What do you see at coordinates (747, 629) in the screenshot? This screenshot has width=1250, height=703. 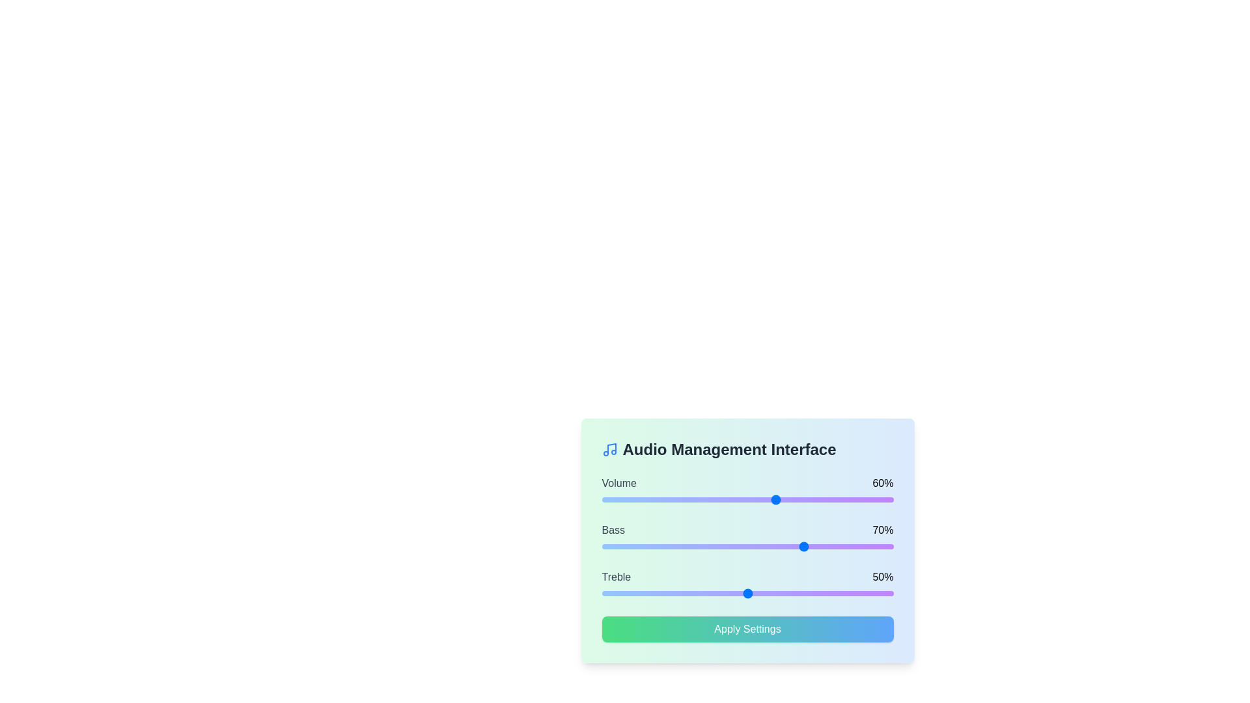 I see `the 'Apply Changes' button located at the bottom center of the 'Audio Management Interface' card` at bounding box center [747, 629].